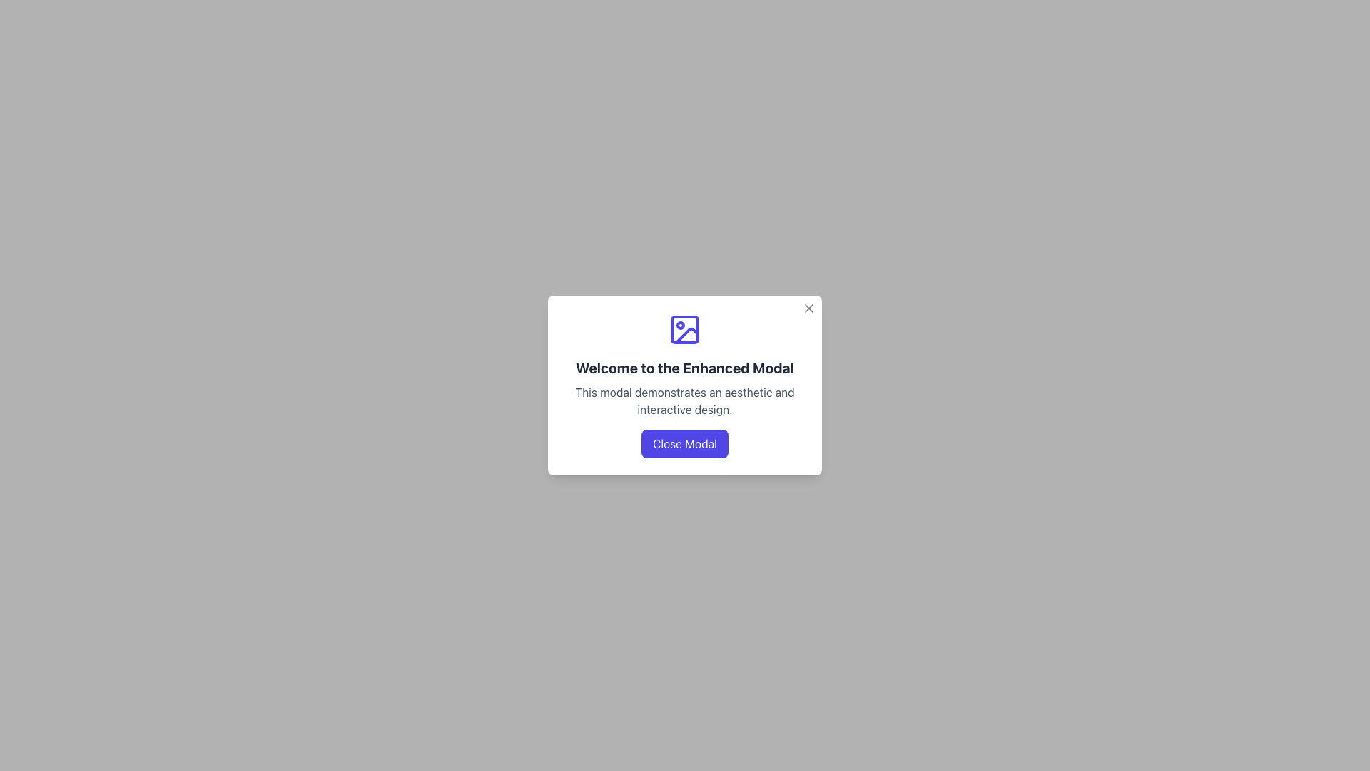  What do you see at coordinates (808, 308) in the screenshot?
I see `the close button icon located at the top-right corner of the modal window to observe the hover effect` at bounding box center [808, 308].